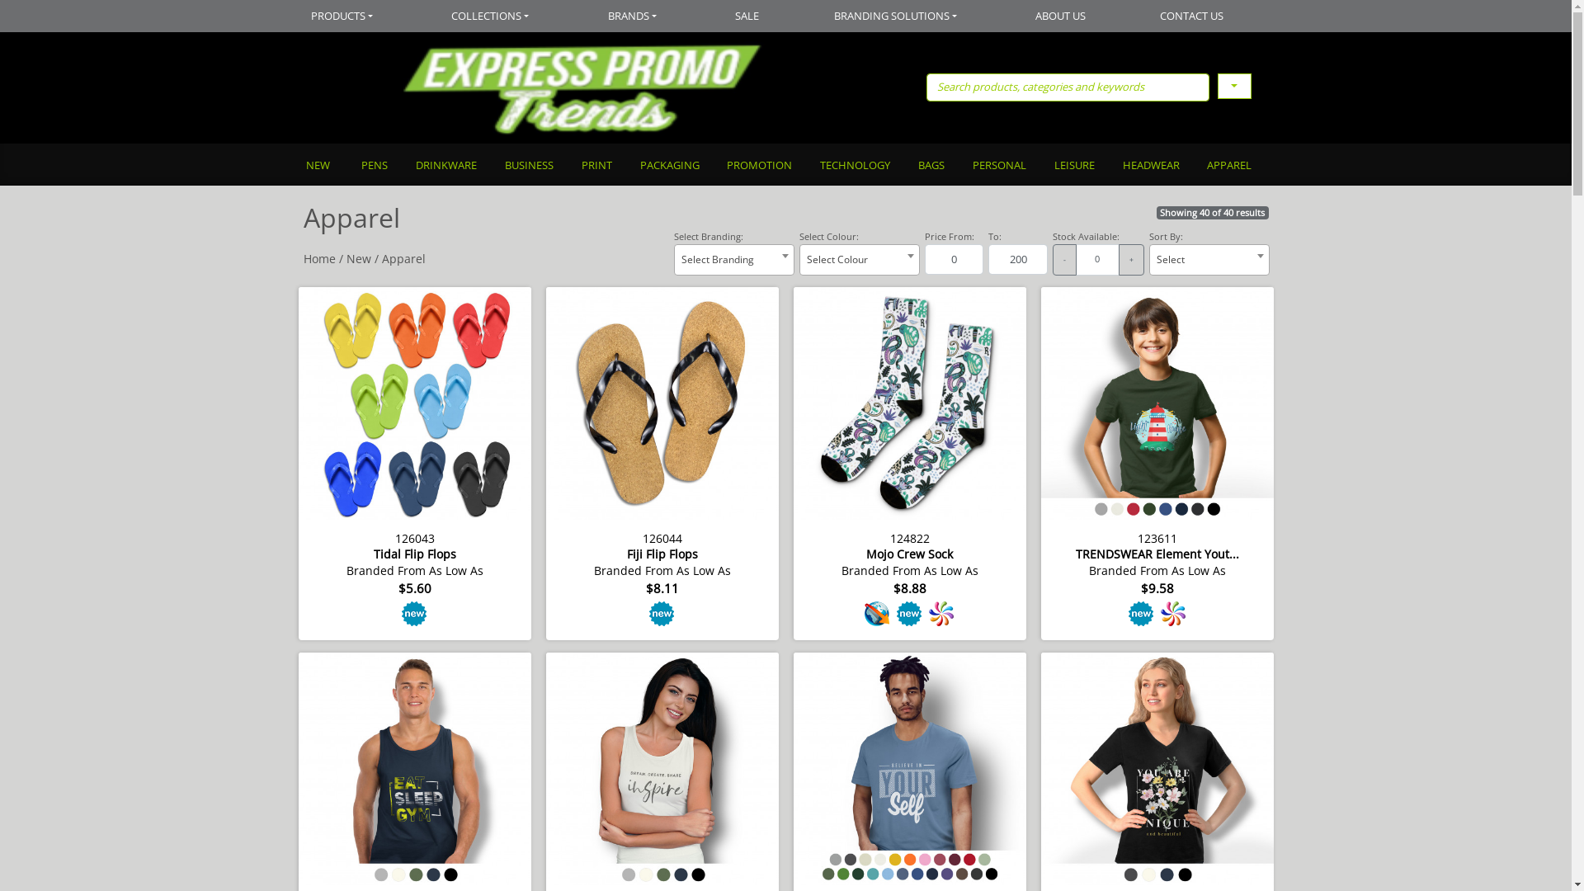  Describe the element at coordinates (319, 258) in the screenshot. I see `'Home'` at that location.